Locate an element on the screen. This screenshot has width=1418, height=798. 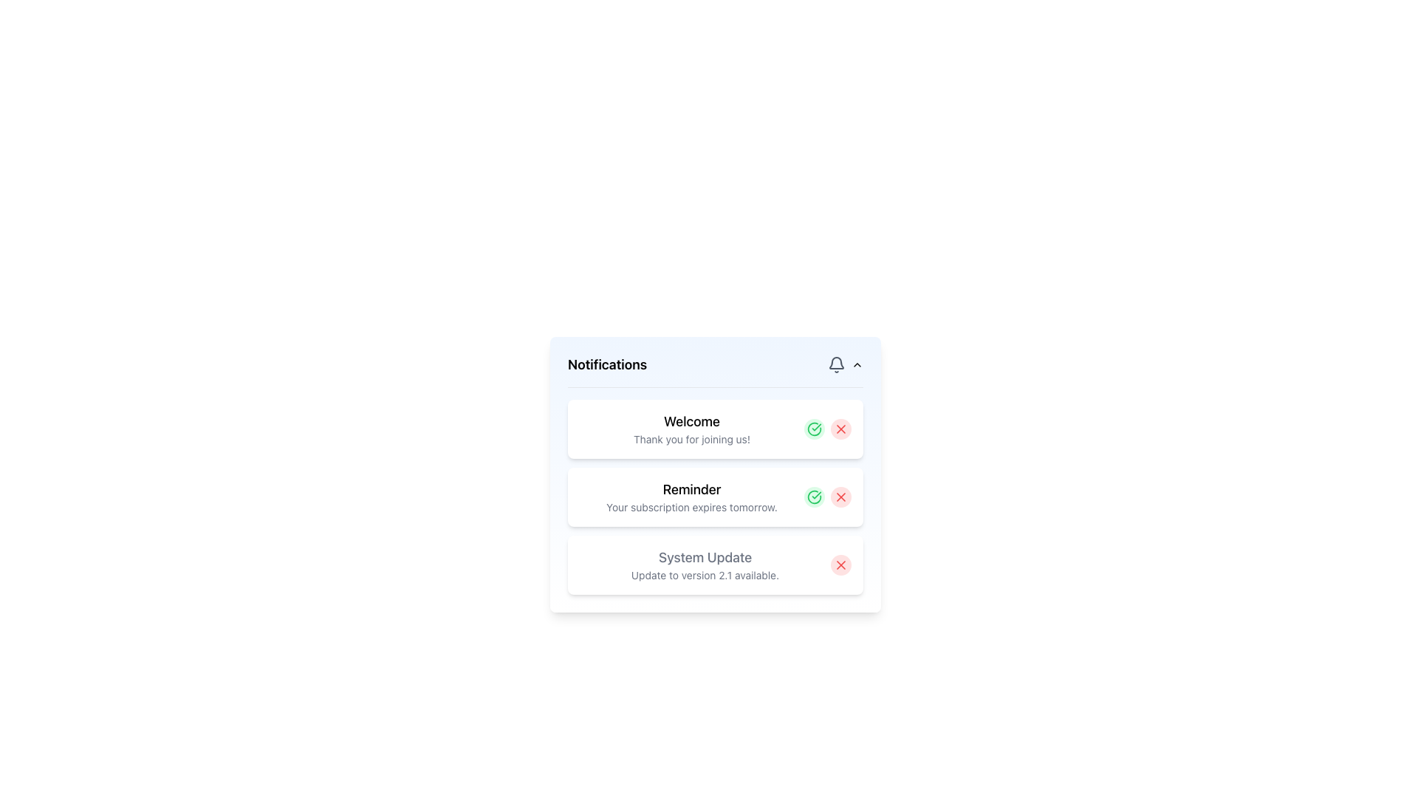
the Text Label that provides information about the availability of software update version 2.1, located at the bottom of the 'System Update' notification card is located at coordinates (705, 575).